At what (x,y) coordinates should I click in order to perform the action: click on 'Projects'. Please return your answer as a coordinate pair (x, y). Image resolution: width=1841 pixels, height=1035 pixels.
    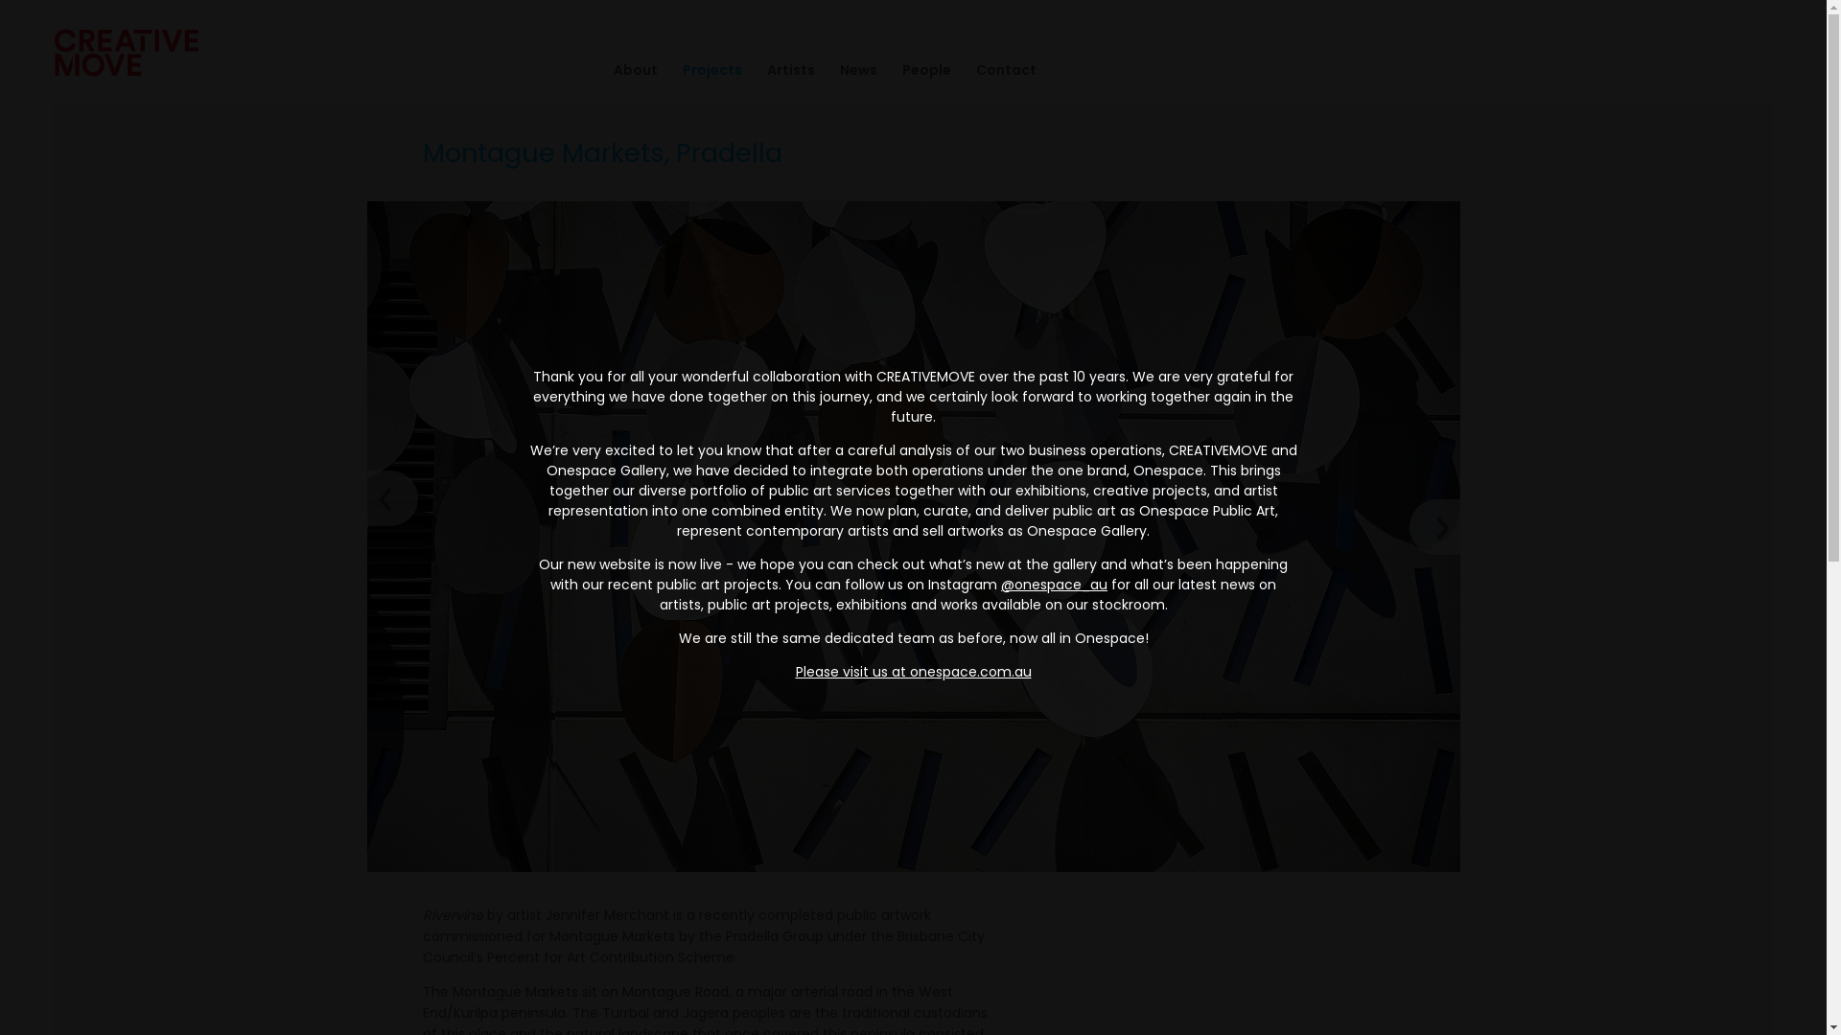
    Looking at the image, I should click on (698, 69).